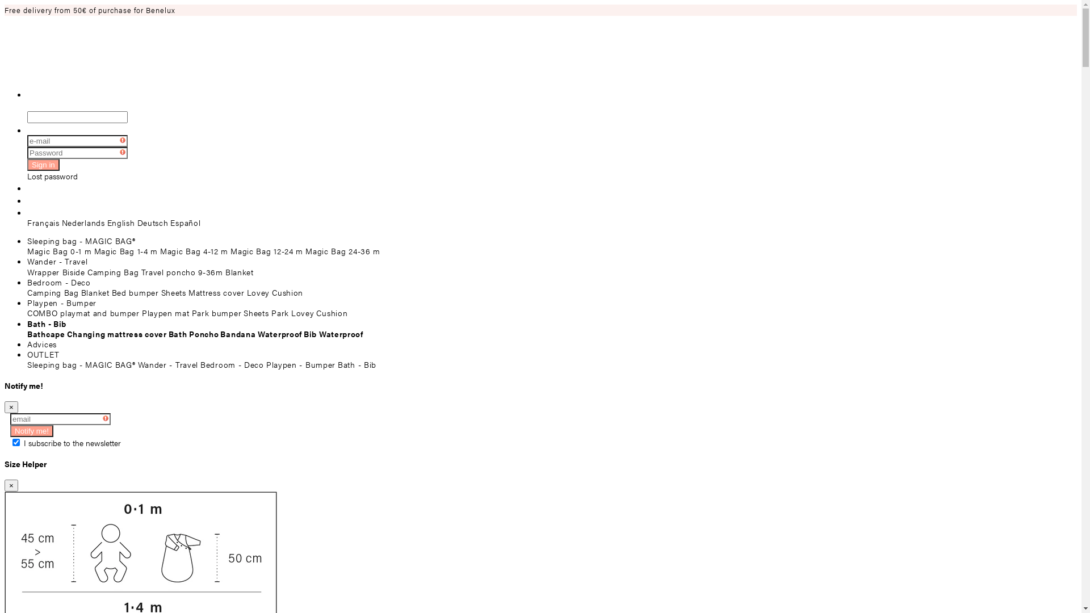 This screenshot has height=613, width=1090. I want to click on 'Bandana Waterproof', so click(261, 333).